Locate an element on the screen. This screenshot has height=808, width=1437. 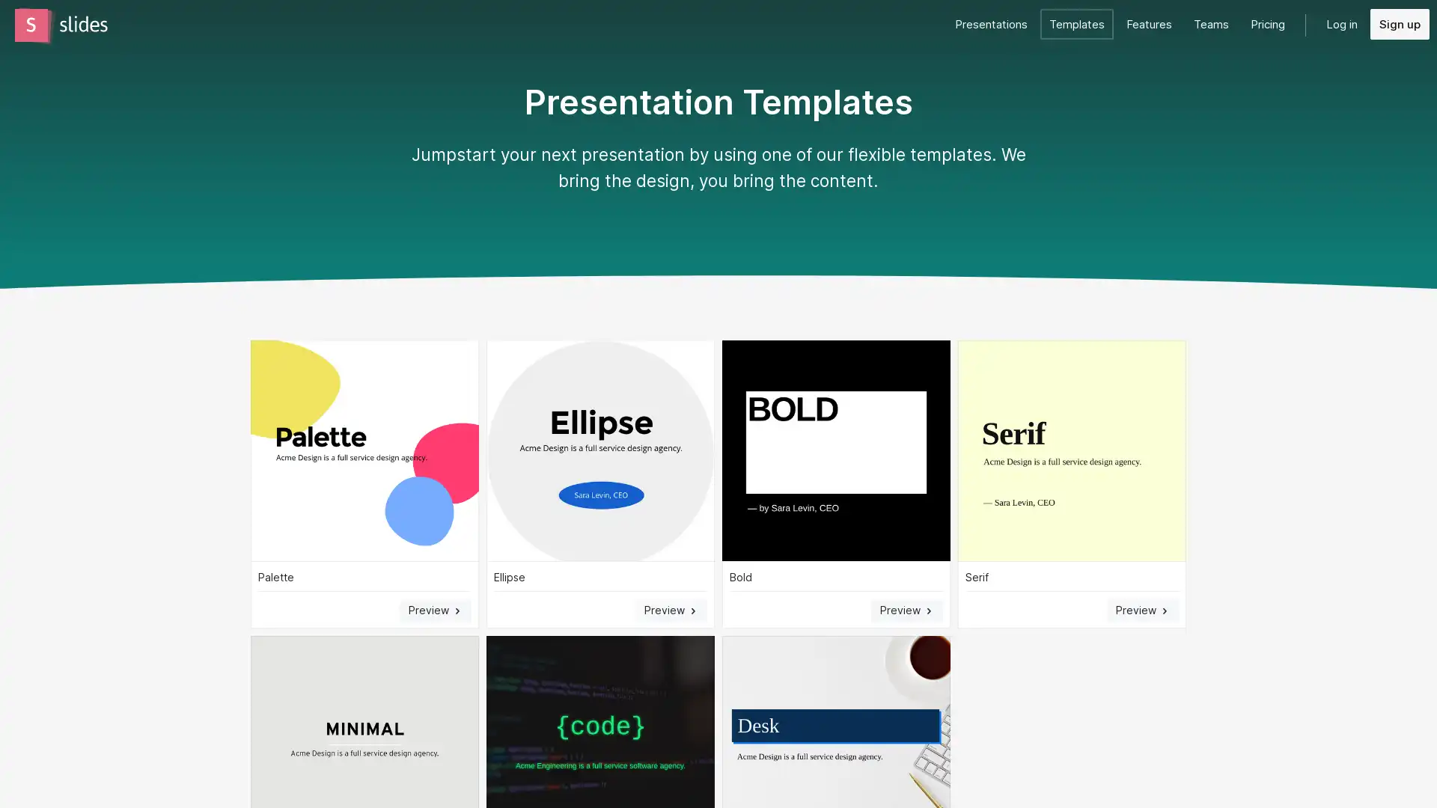
Preview is located at coordinates (434, 610).